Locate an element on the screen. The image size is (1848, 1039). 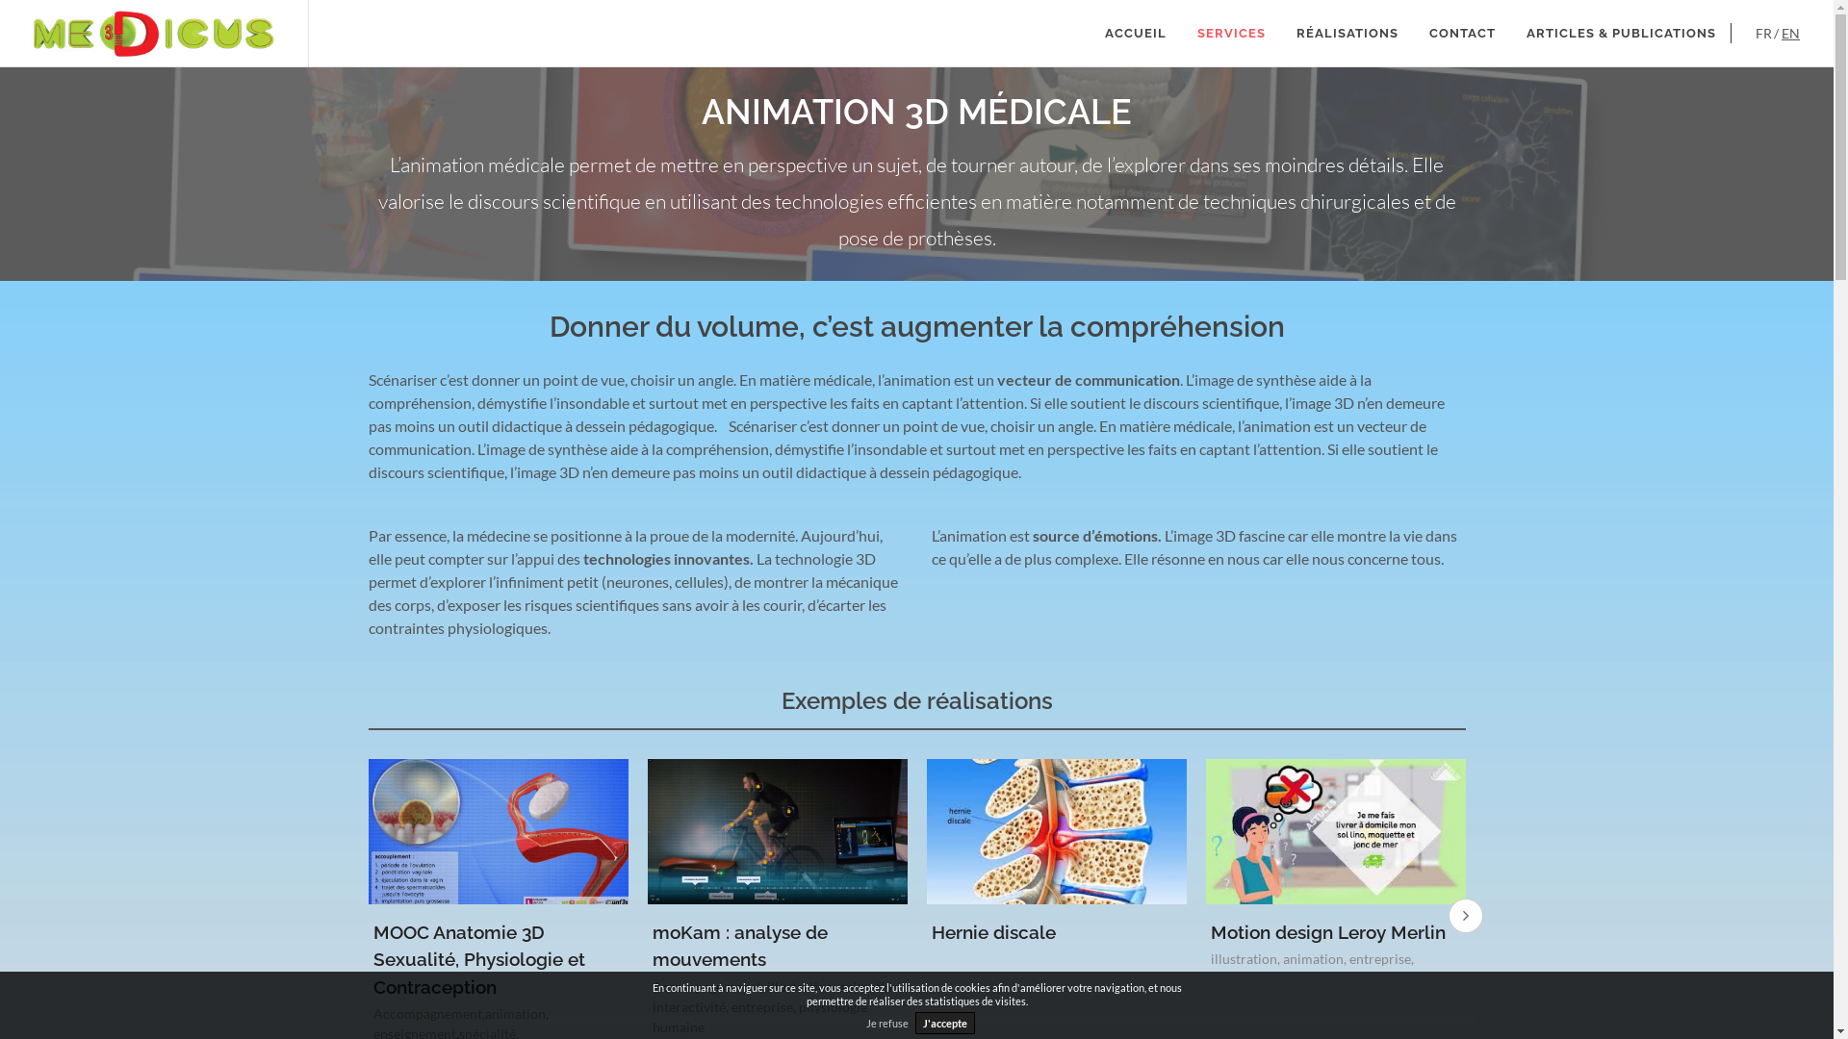
'EN' is located at coordinates (1789, 33).